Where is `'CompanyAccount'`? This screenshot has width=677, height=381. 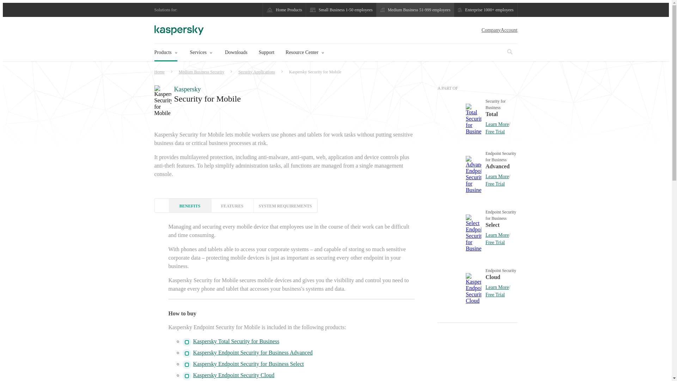
'CompanyAccount' is located at coordinates (499, 30).